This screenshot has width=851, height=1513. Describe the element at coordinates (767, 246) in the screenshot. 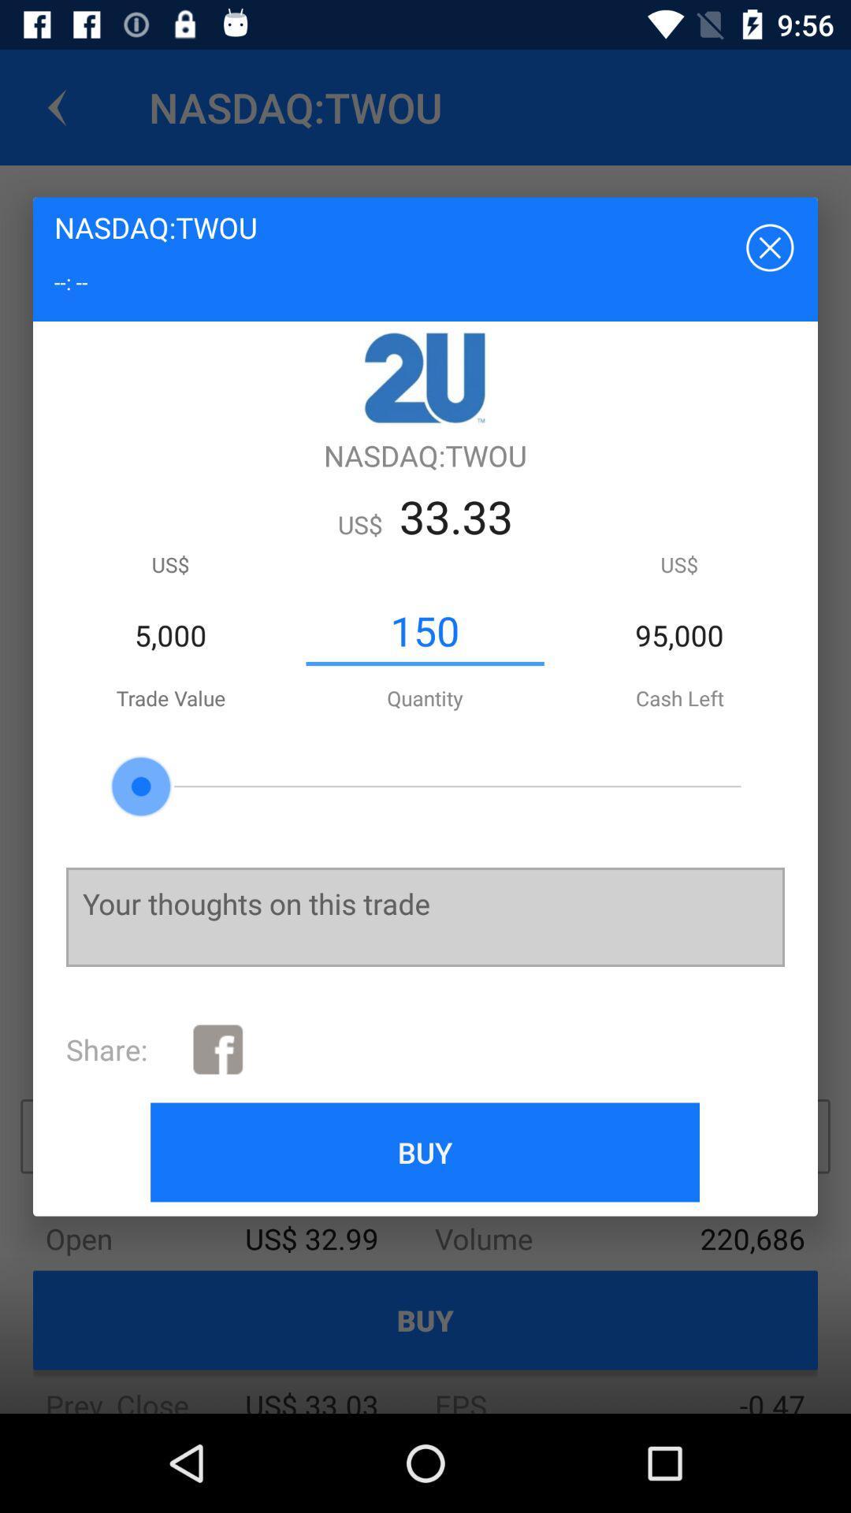

I see `item next to the nasdaq:twou item` at that location.